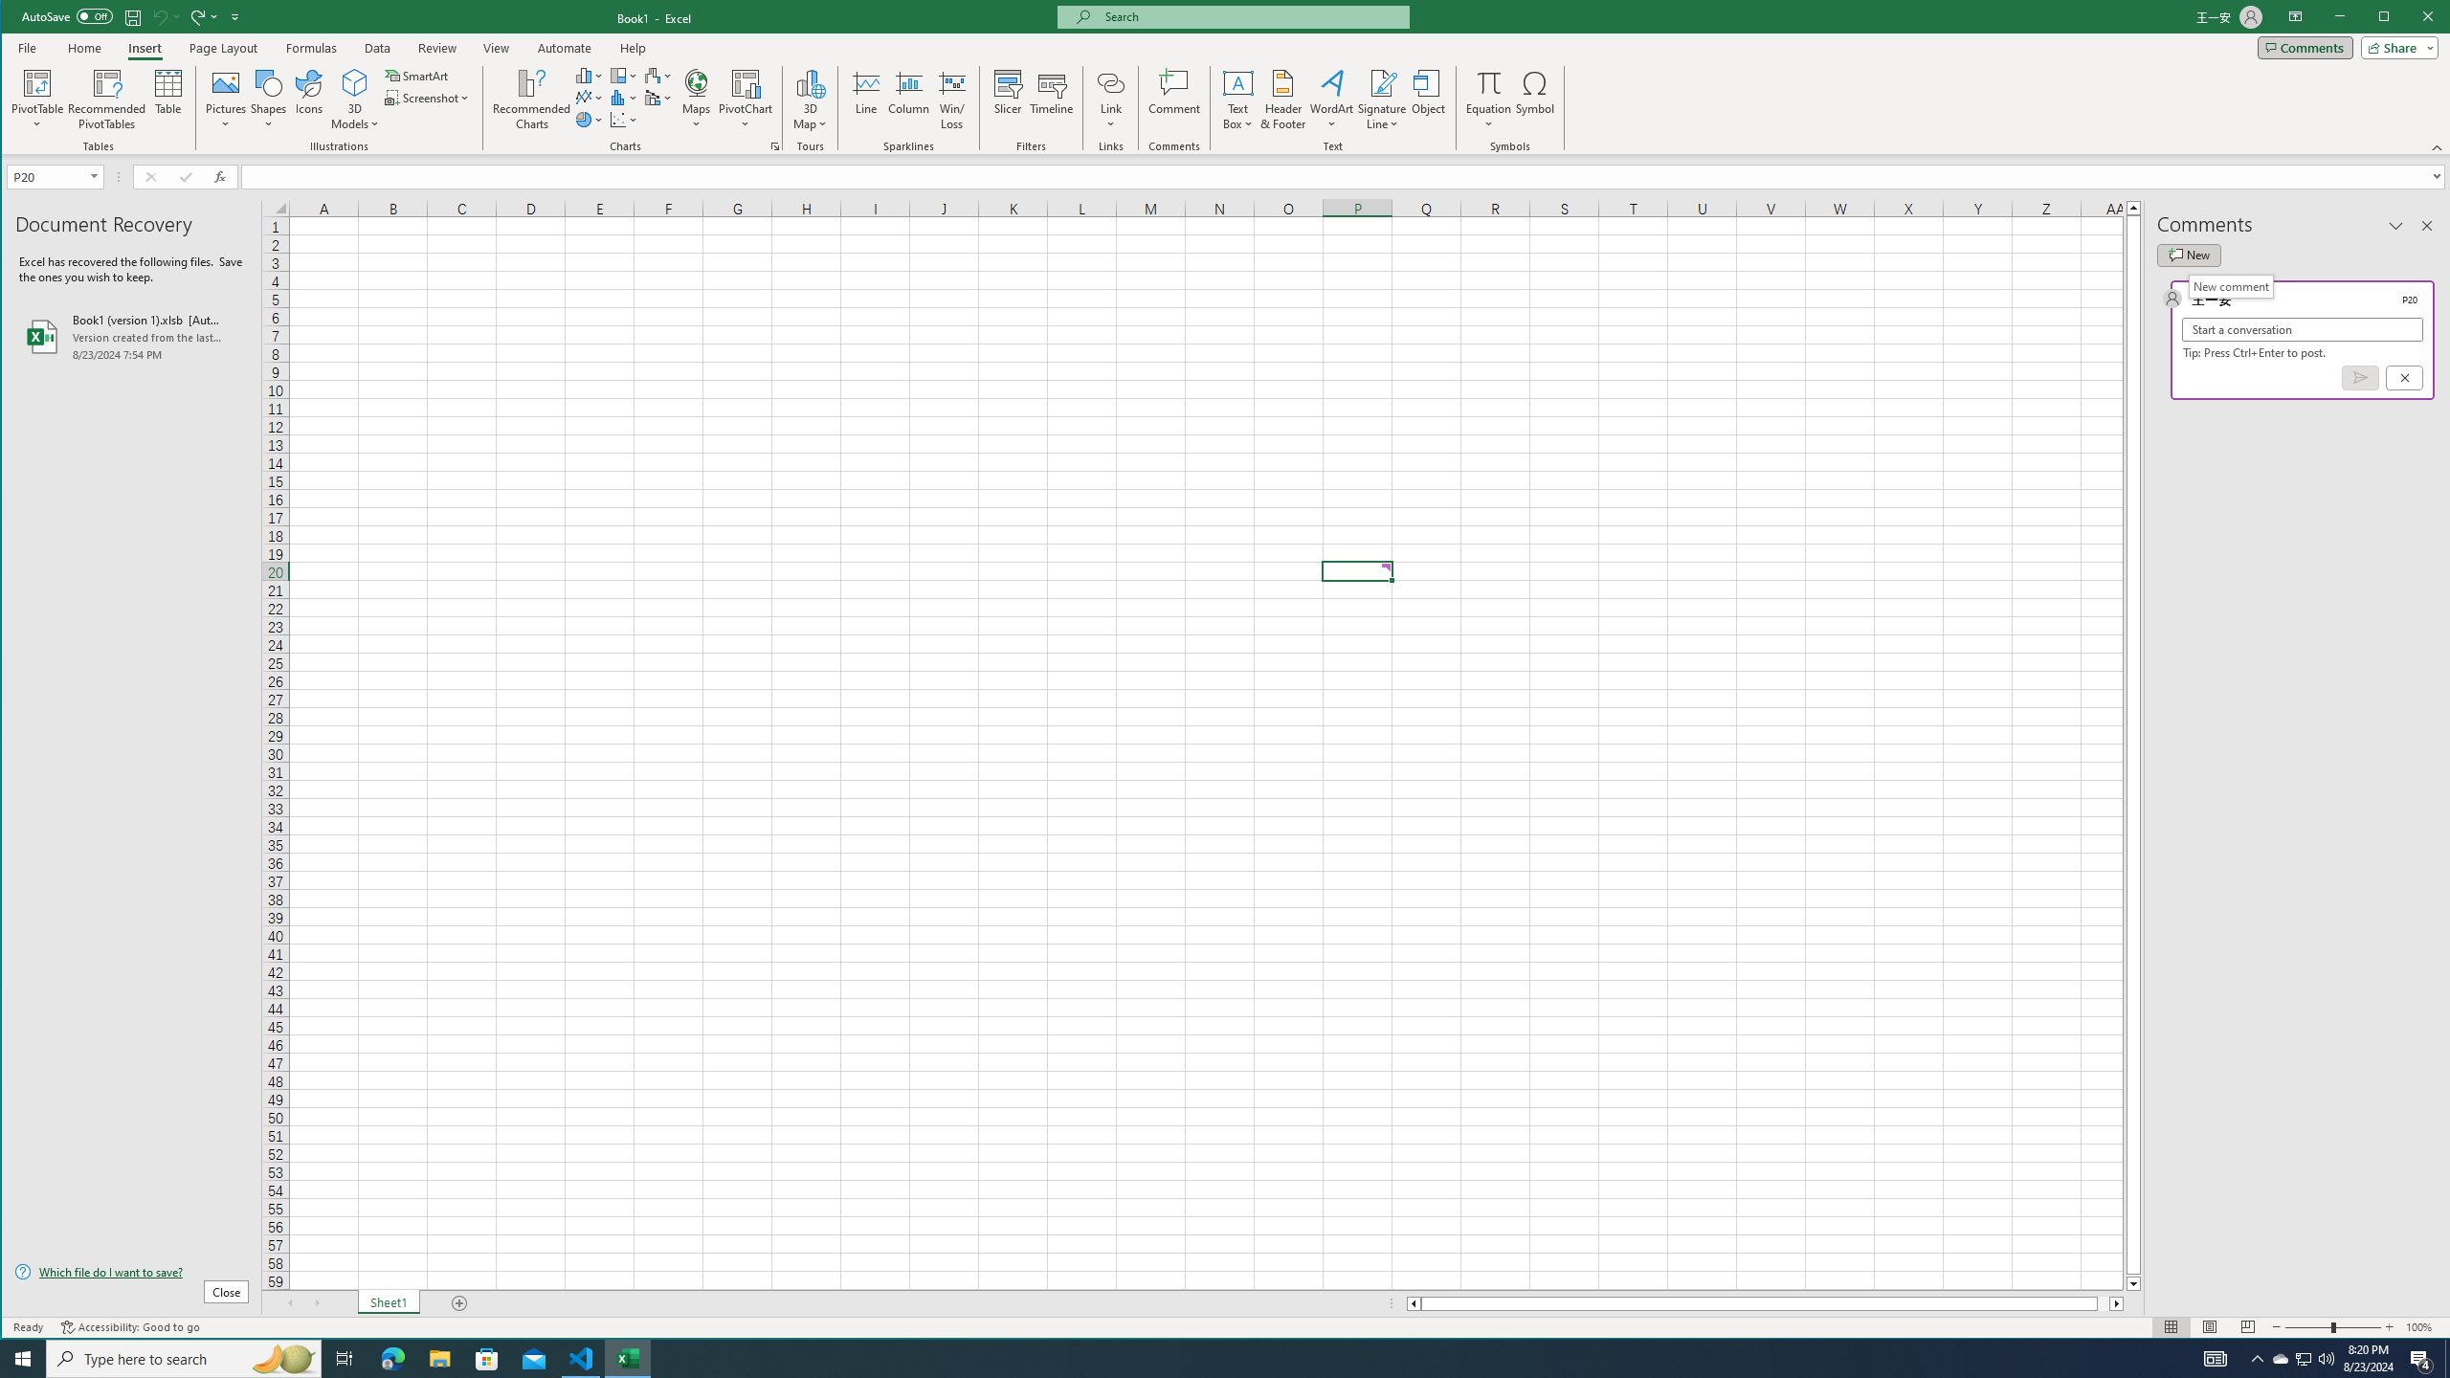  I want to click on 'Insert Scatter (X, Y) or Bubble Chart', so click(624, 120).